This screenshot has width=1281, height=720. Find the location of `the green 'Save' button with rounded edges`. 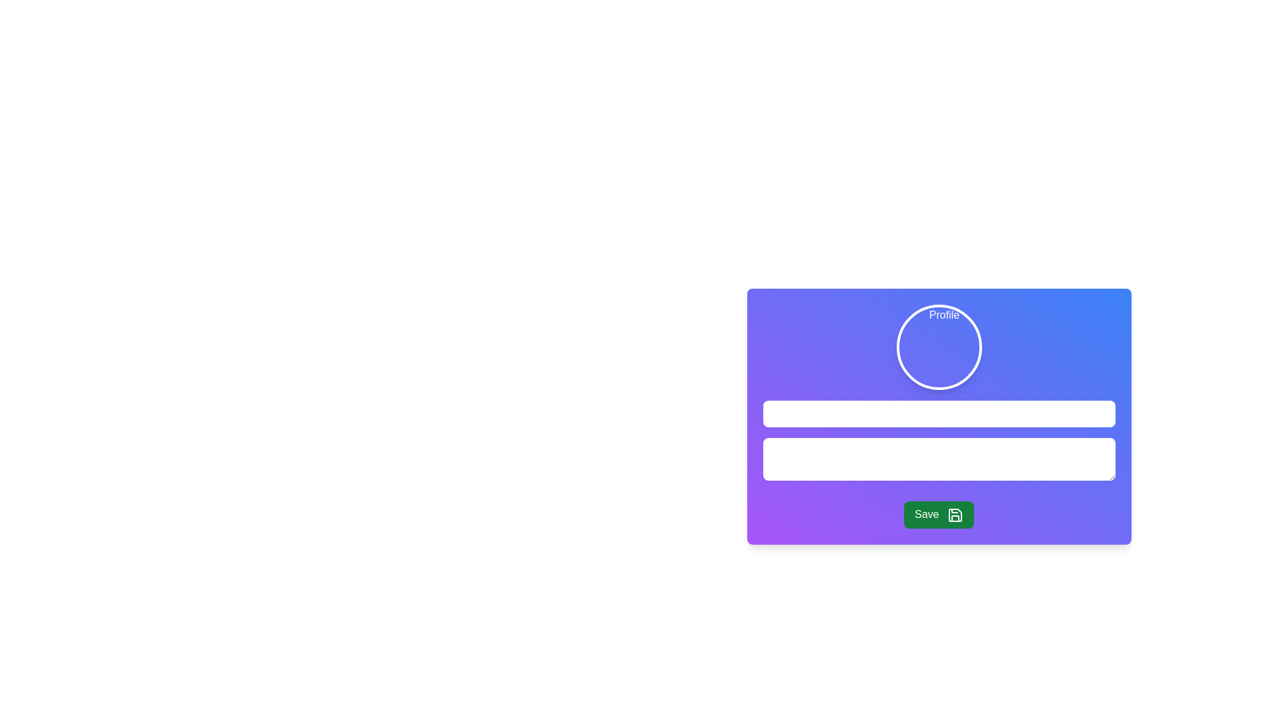

the green 'Save' button with rounded edges is located at coordinates (938, 514).